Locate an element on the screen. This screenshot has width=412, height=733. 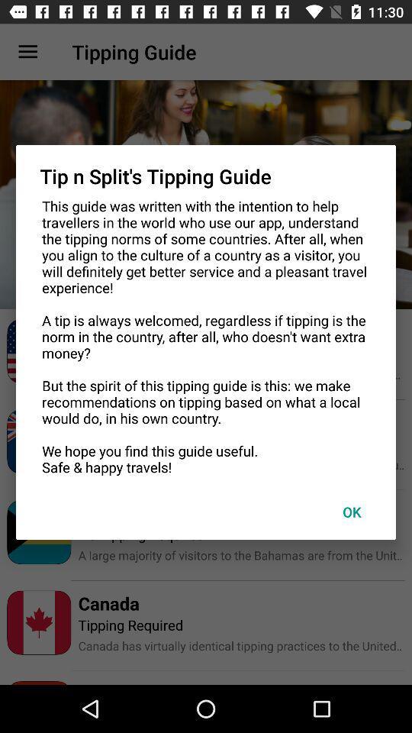
the icon below this guide was is located at coordinates (352, 512).